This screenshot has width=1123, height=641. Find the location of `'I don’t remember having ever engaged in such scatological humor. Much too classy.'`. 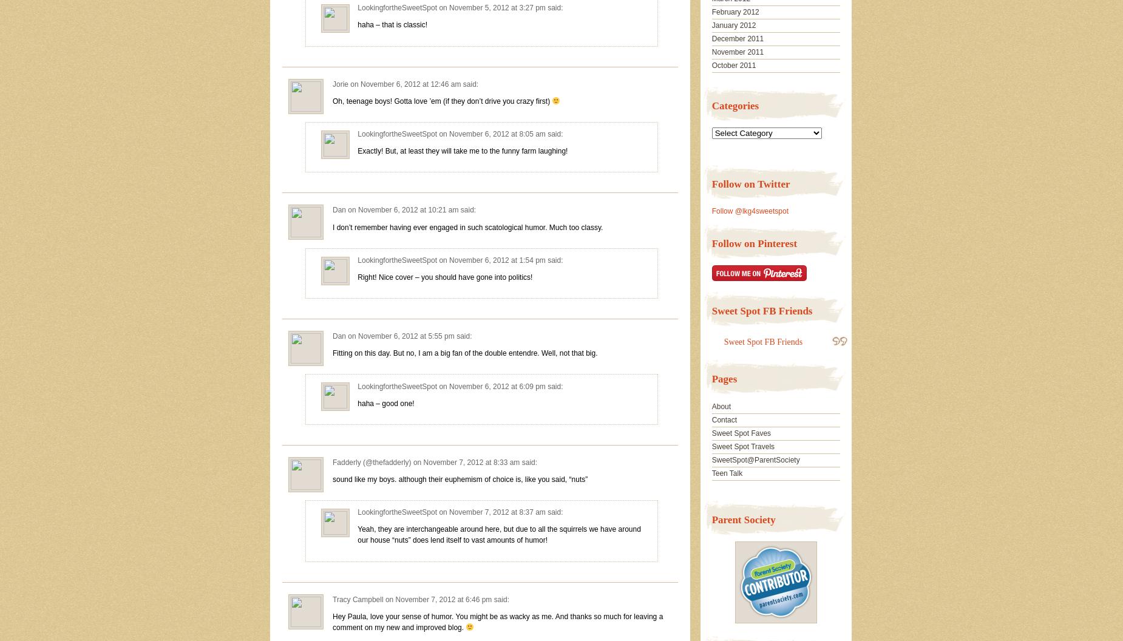

'I don’t remember having ever engaged in such scatological humor. Much too classy.' is located at coordinates (467, 226).